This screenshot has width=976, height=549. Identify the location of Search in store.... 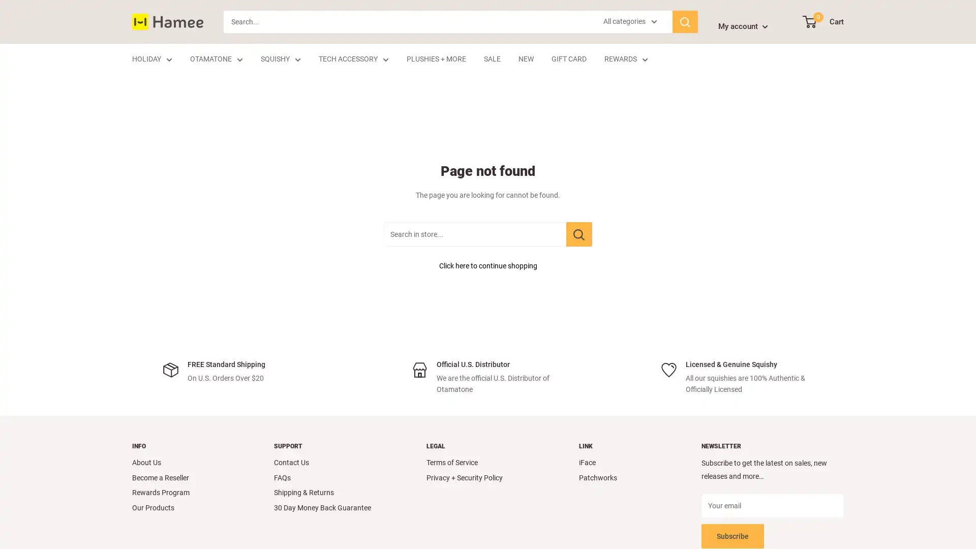
(579, 234).